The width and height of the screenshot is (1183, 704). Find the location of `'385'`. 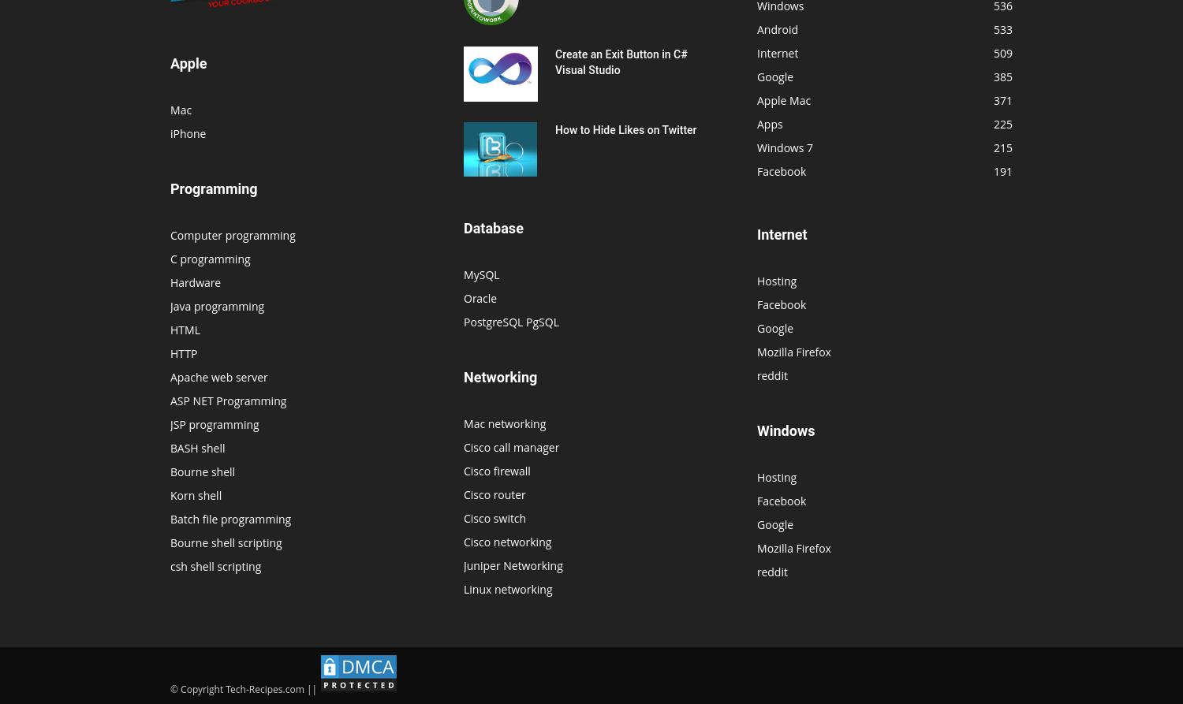

'385' is located at coordinates (992, 76).